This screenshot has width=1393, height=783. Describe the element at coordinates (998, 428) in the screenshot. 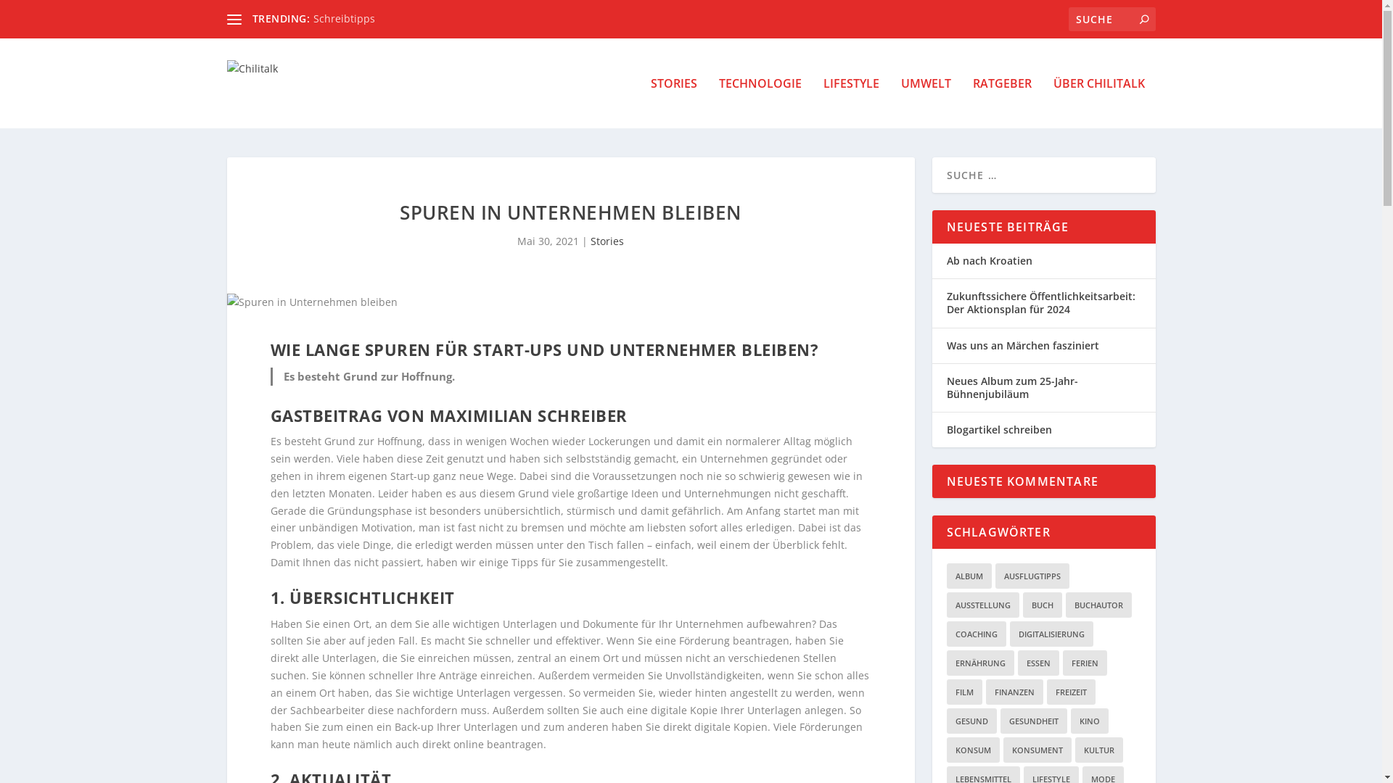

I see `'Blogartikel schreiben'` at that location.